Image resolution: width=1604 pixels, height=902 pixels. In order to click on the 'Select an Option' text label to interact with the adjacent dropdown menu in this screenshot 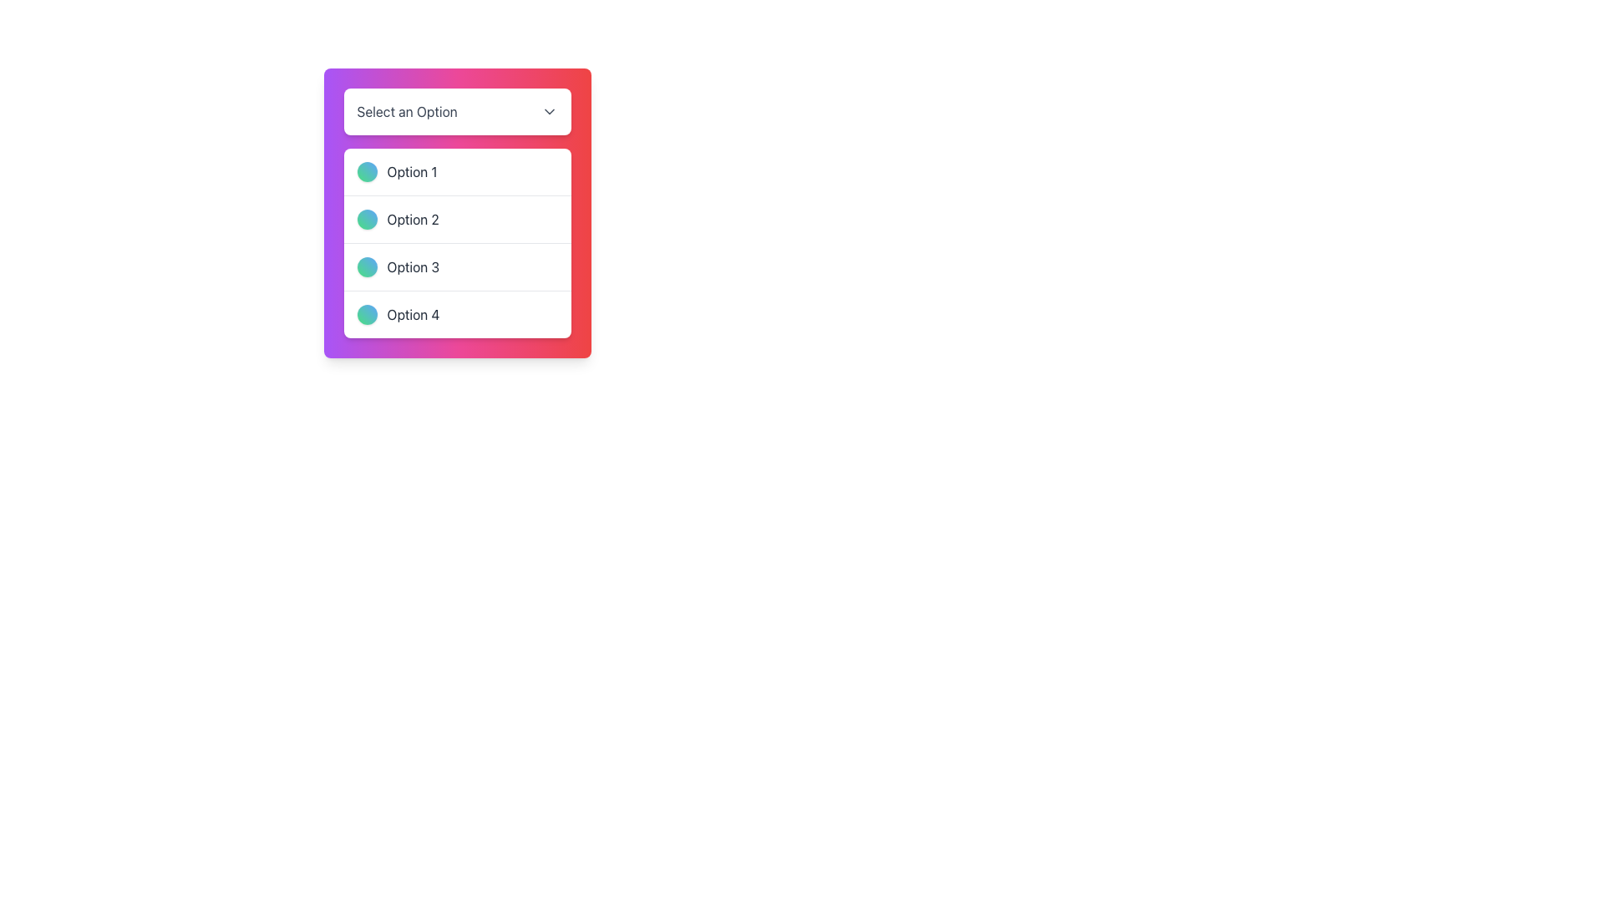, I will do `click(407, 112)`.